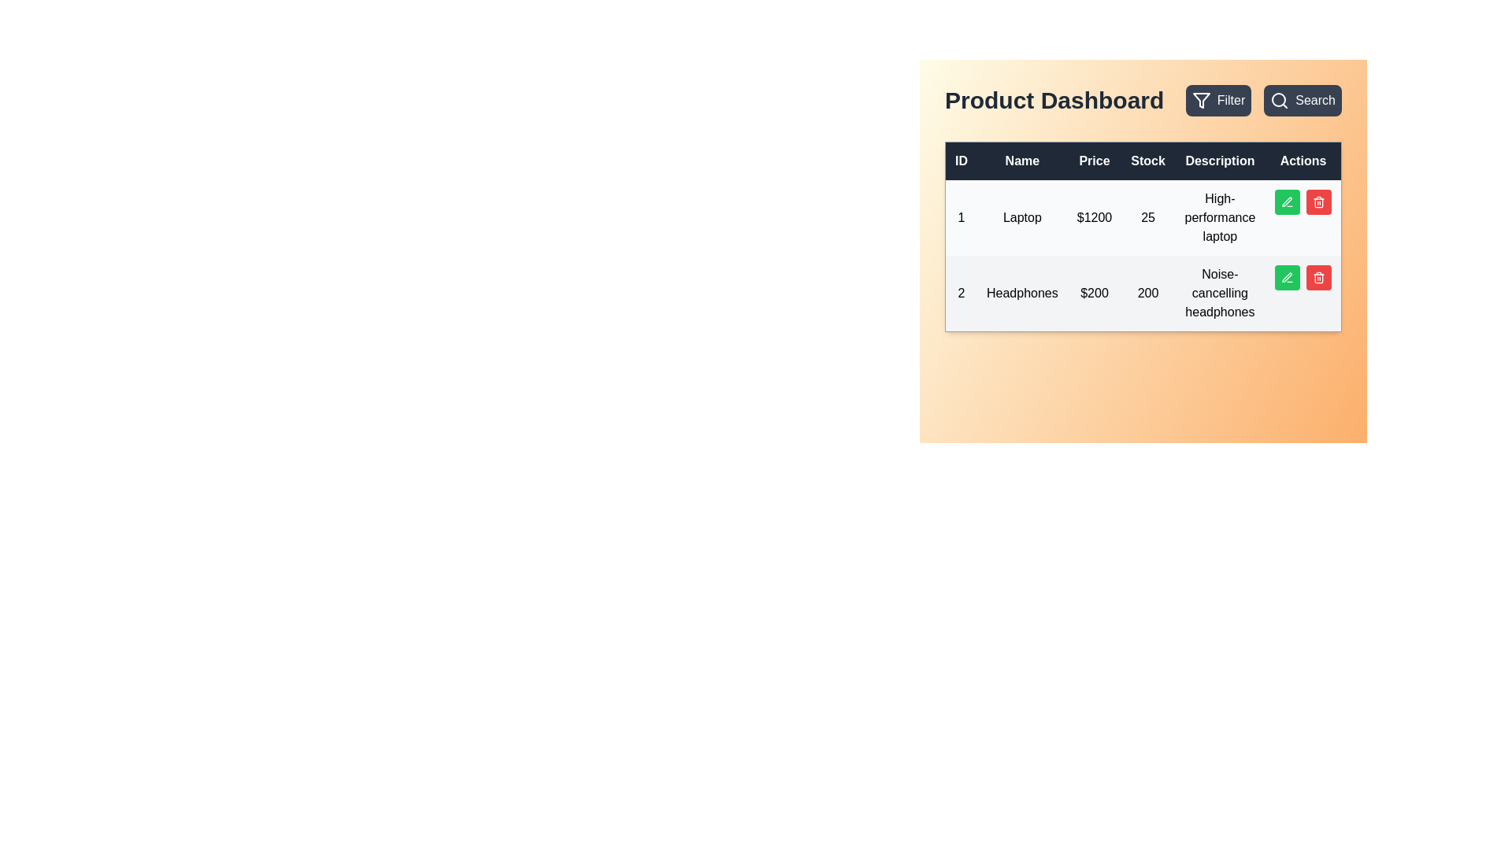 The width and height of the screenshot is (1512, 850). Describe the element at coordinates (1303, 161) in the screenshot. I see `the 'Actions' column header text label, which is the sixth item in the header row of the table, located to the far right after the 'Description' column` at that location.